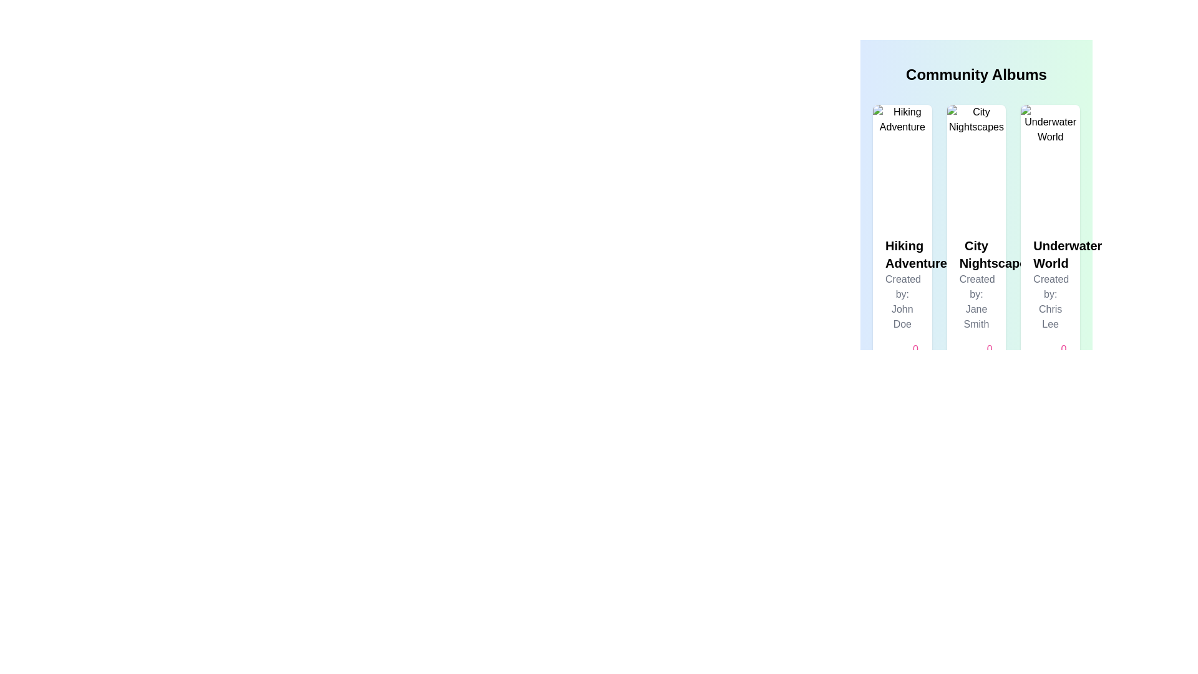  I want to click on the like button located at the bottom-right corner of the 'Underwater World' album card, so click(1054, 356).